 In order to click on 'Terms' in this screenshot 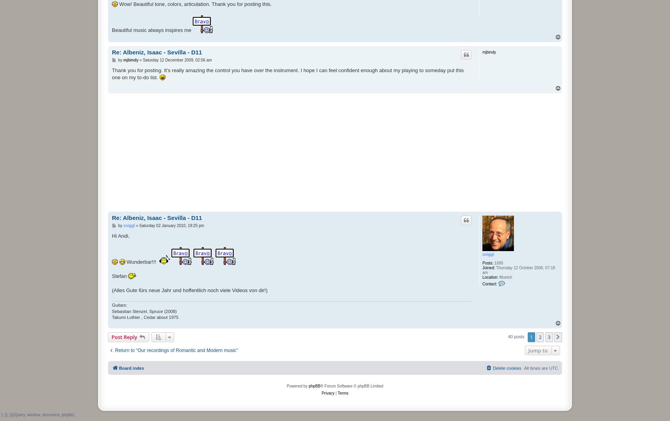, I will do `click(343, 393)`.